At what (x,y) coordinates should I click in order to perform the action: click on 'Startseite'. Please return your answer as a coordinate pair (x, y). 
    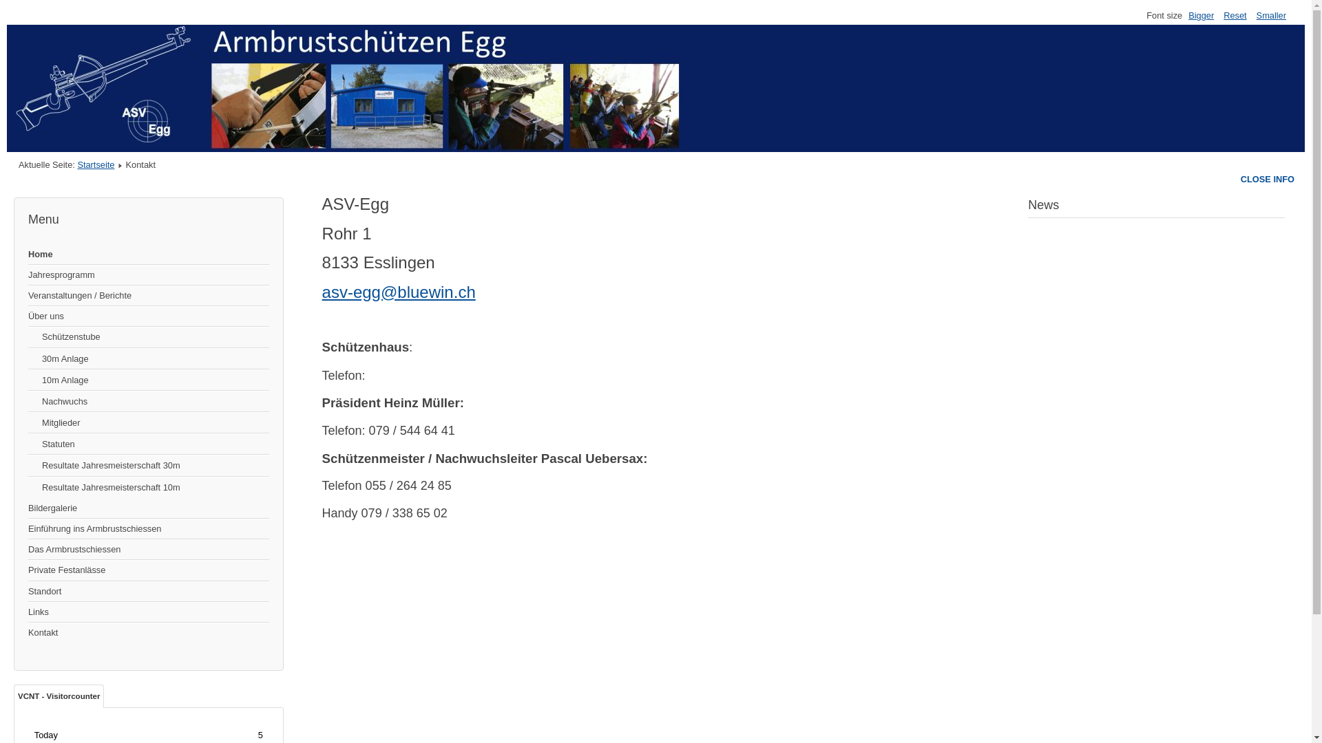
    Looking at the image, I should click on (95, 164).